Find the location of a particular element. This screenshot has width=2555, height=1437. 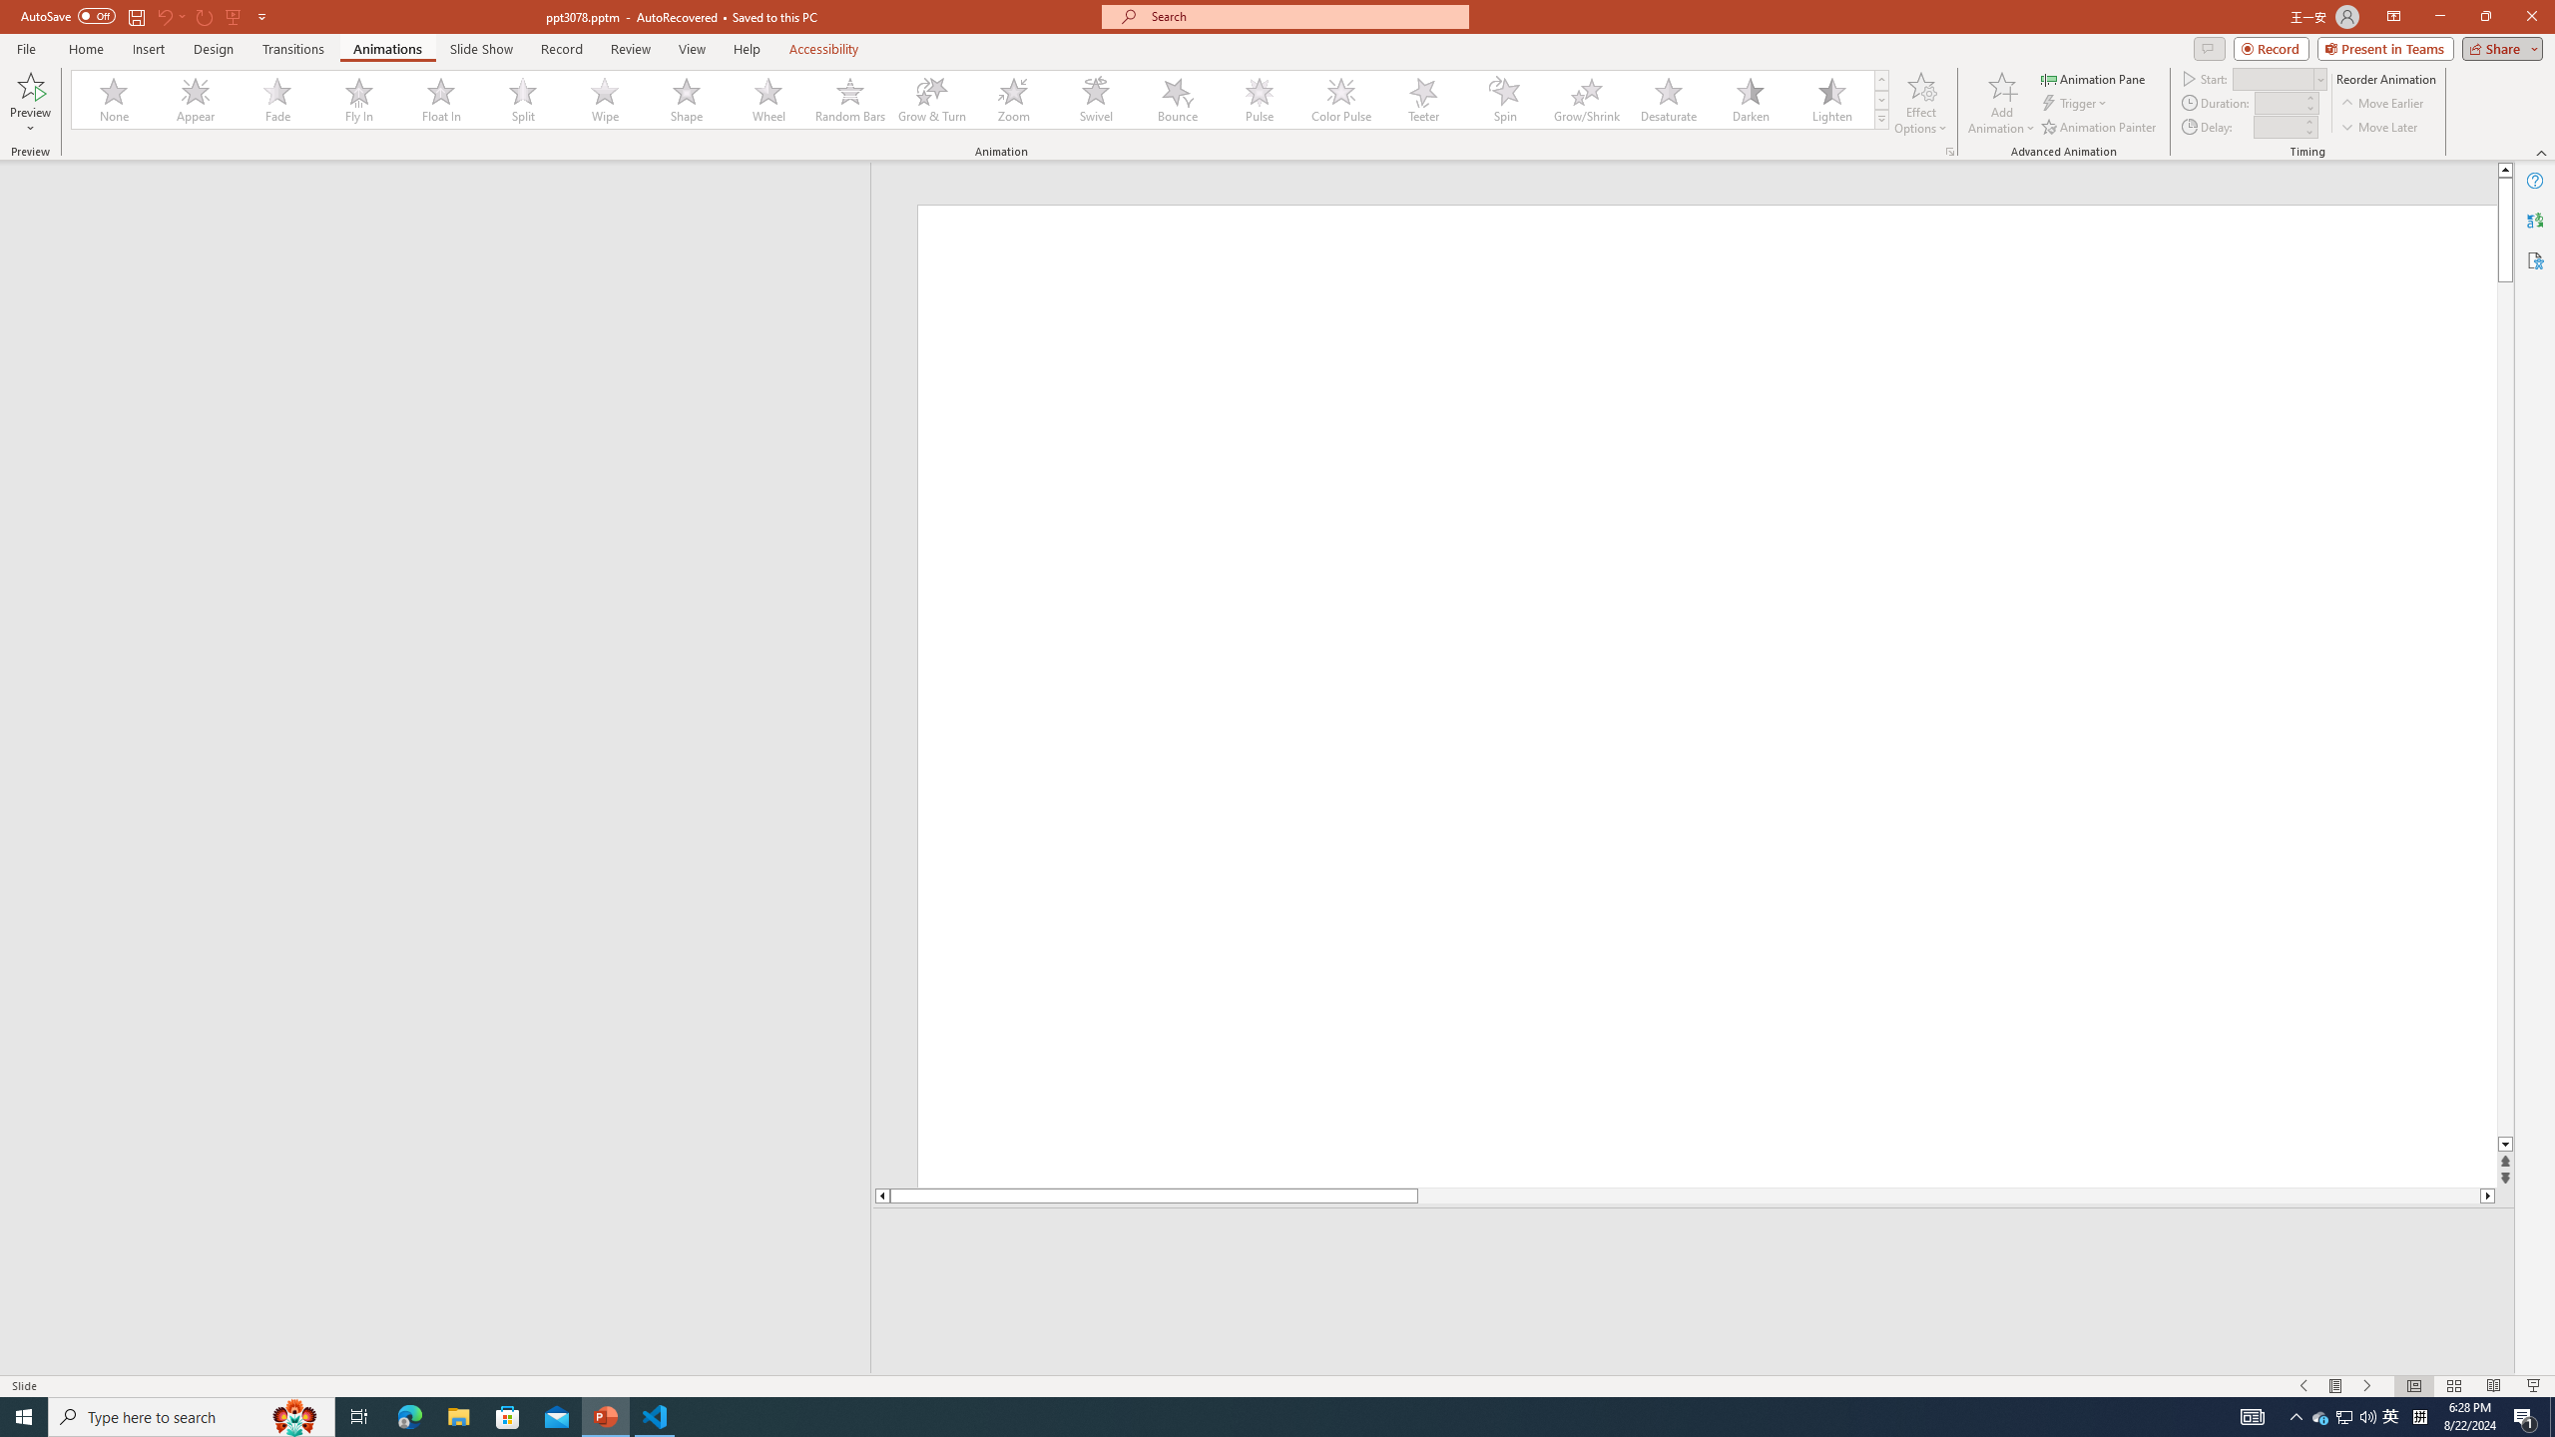

'Grow & Turn' is located at coordinates (931, 99).